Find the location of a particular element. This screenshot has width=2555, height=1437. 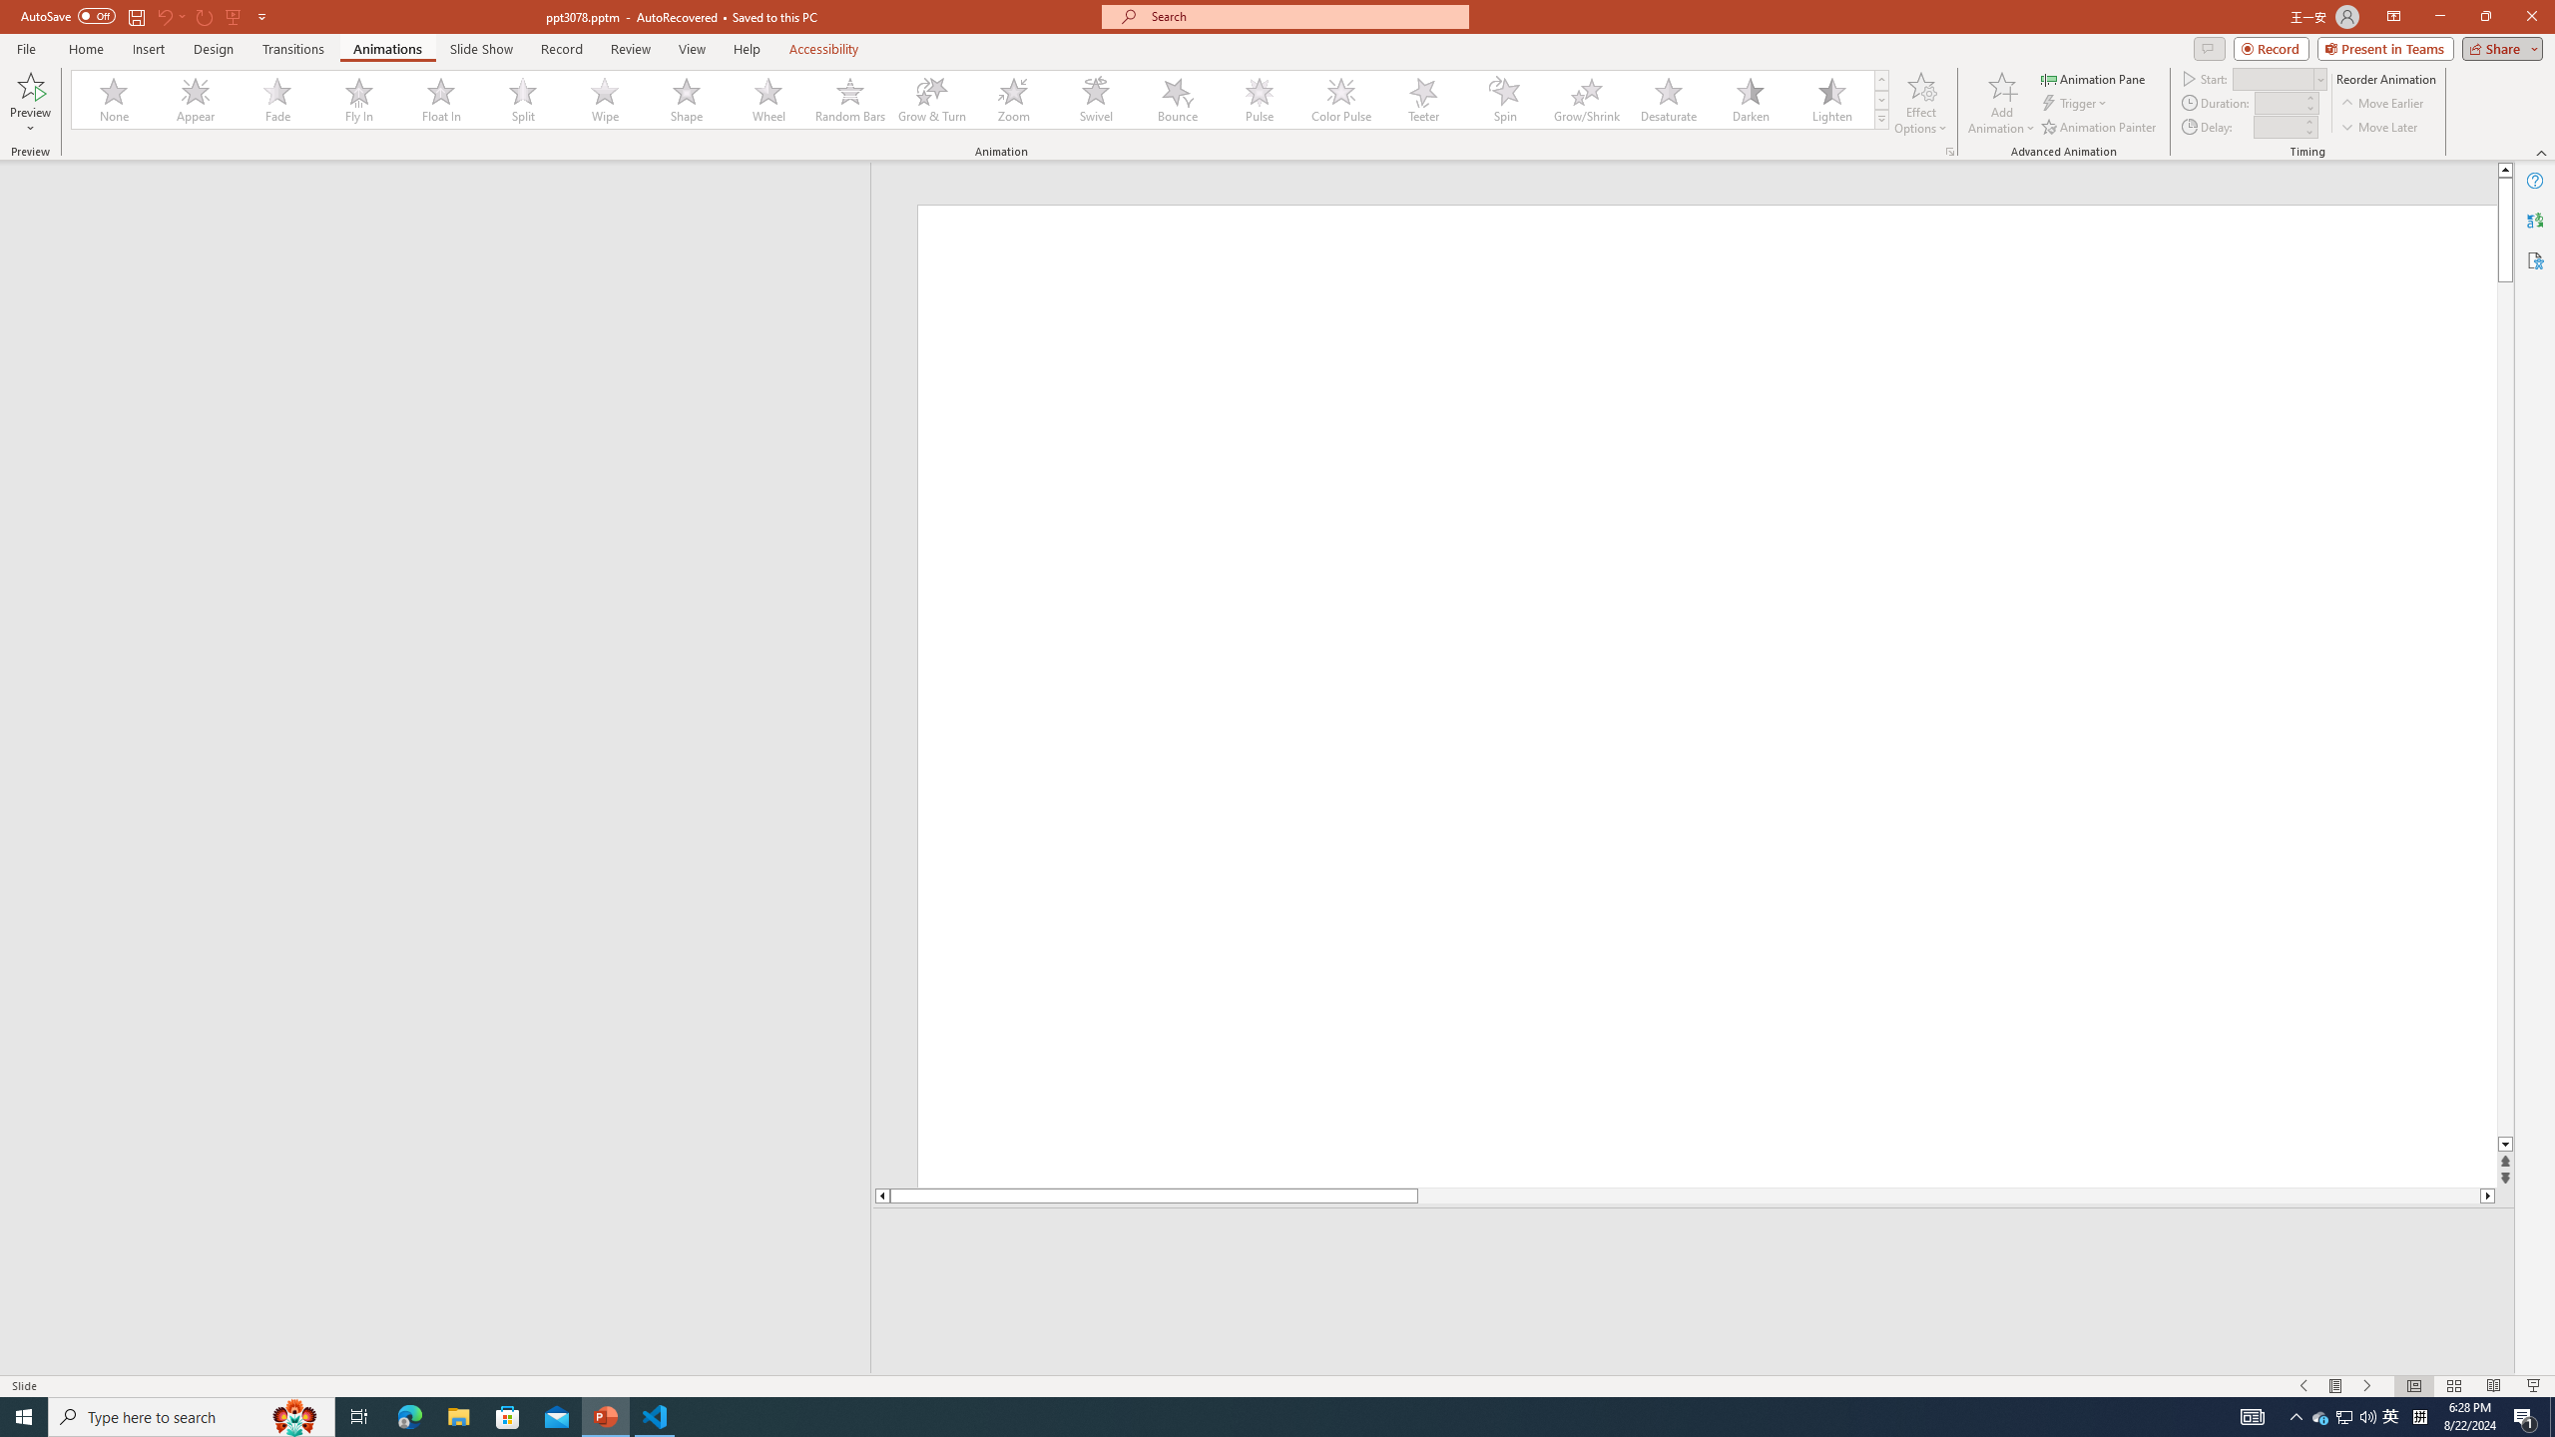

'Grow & Turn' is located at coordinates (931, 99).